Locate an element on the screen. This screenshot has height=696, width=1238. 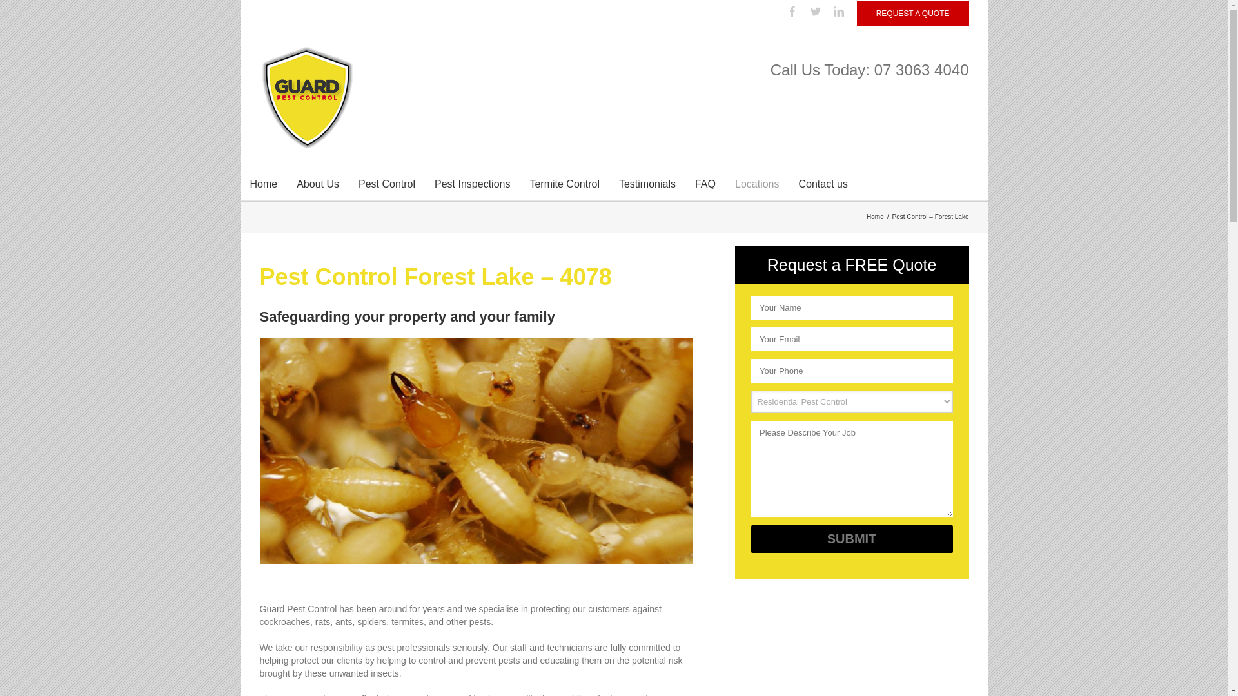
'Linkedin' is located at coordinates (833, 12).